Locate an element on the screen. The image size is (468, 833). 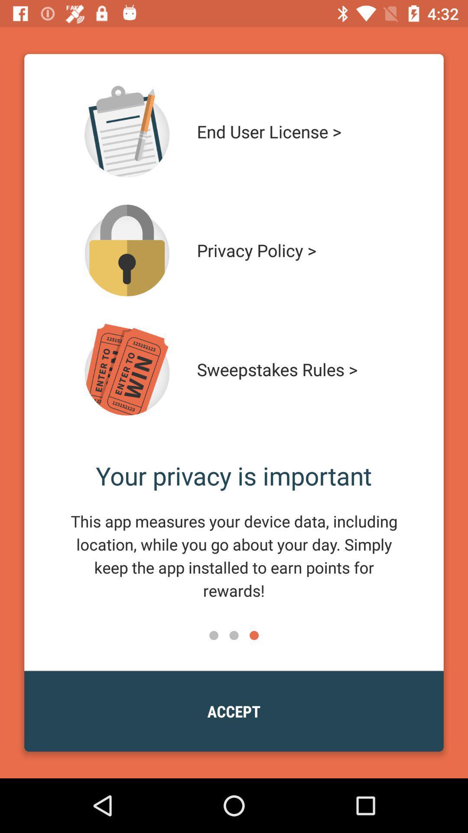
open privacy details is located at coordinates (127, 250).